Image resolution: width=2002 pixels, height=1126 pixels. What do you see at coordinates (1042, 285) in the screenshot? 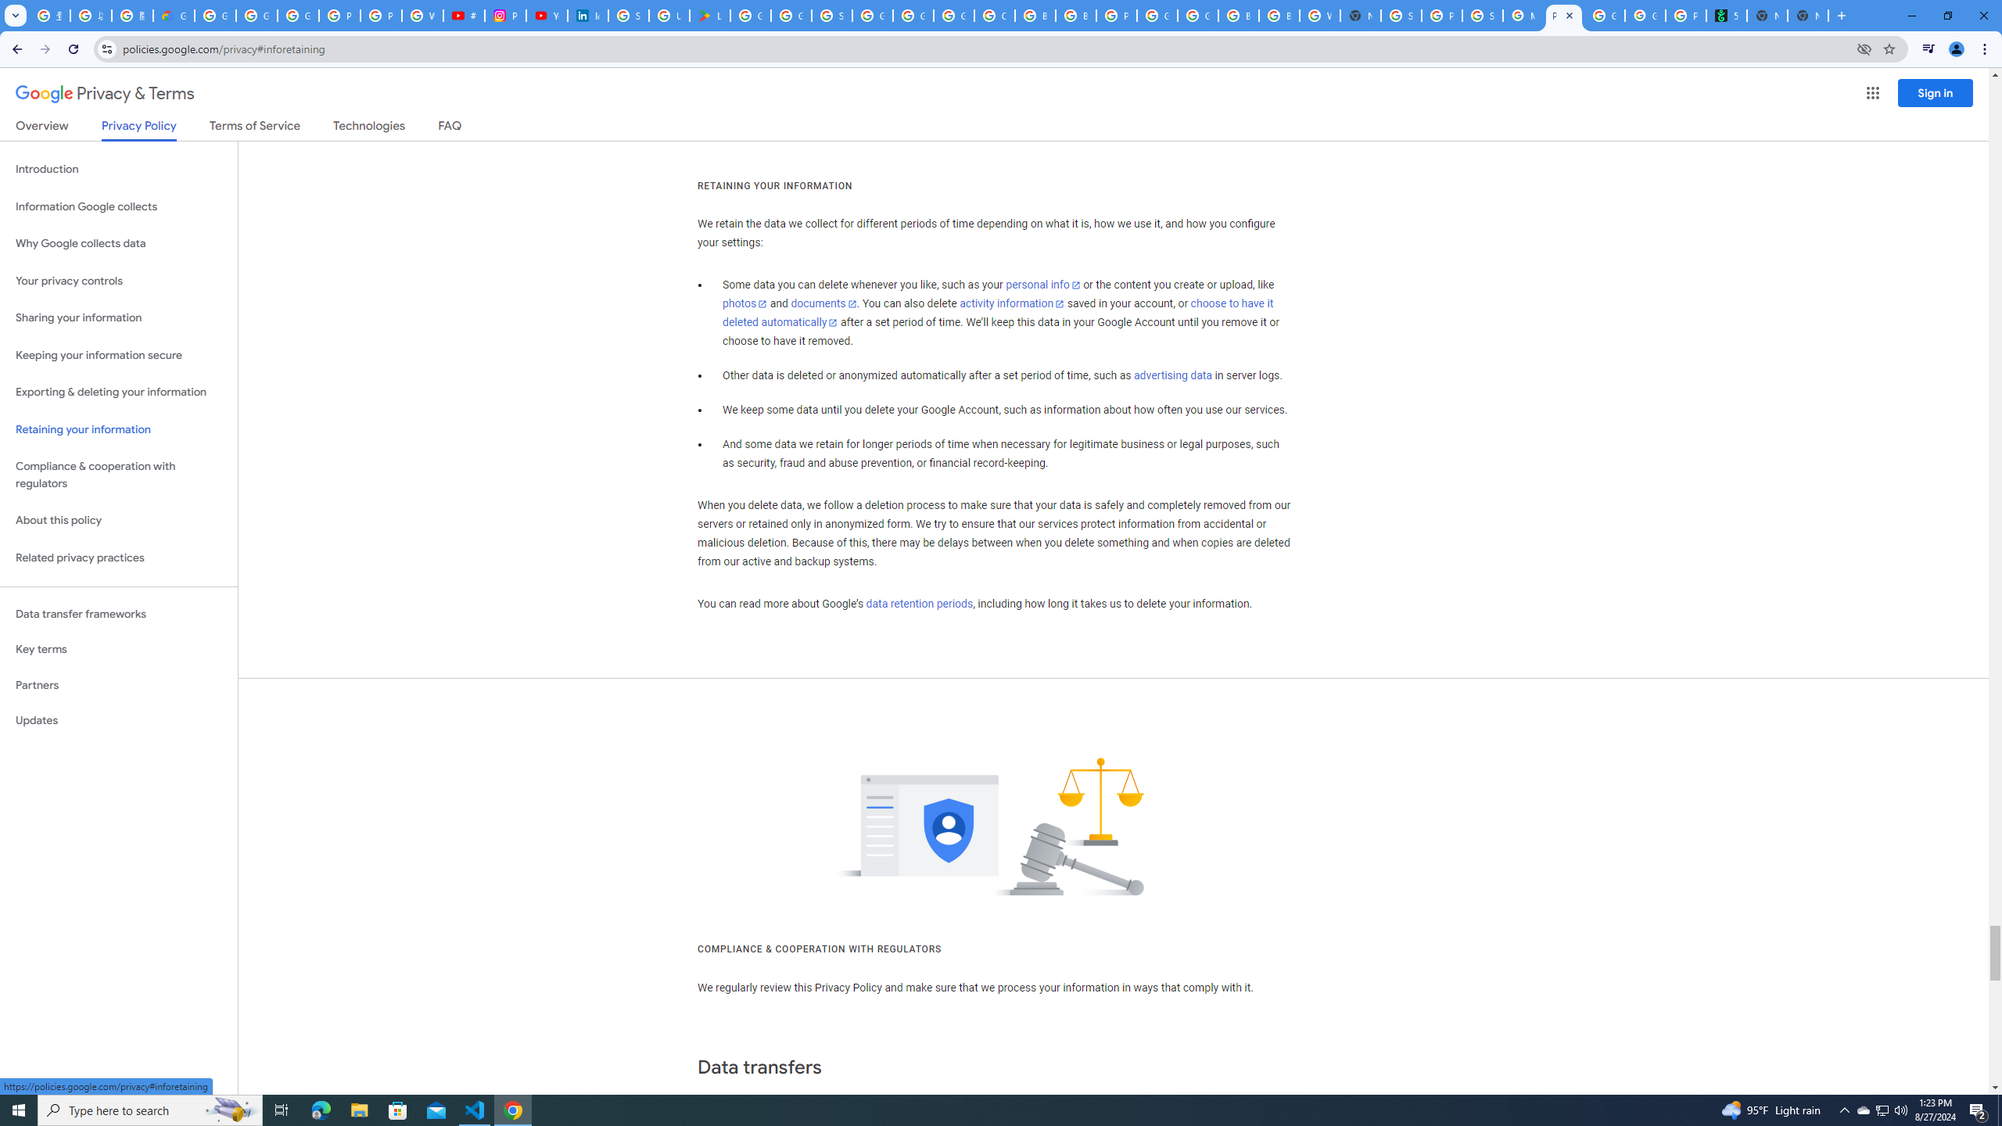
I see `'personal info'` at bounding box center [1042, 285].